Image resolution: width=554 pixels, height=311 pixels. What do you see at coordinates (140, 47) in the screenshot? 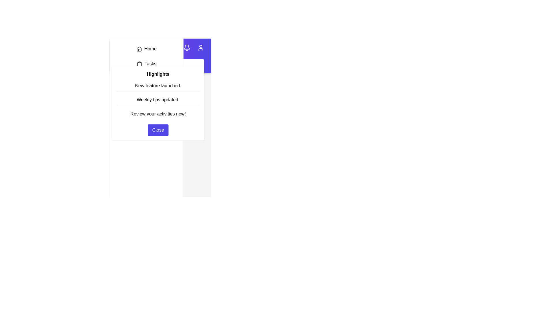
I see `the 'My Activity' label, which is a bold text component accompanied by an icon, located at the top left of the interface` at bounding box center [140, 47].